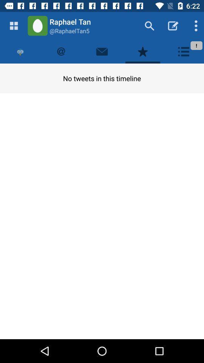  What do you see at coordinates (37, 26) in the screenshot?
I see `green icon` at bounding box center [37, 26].